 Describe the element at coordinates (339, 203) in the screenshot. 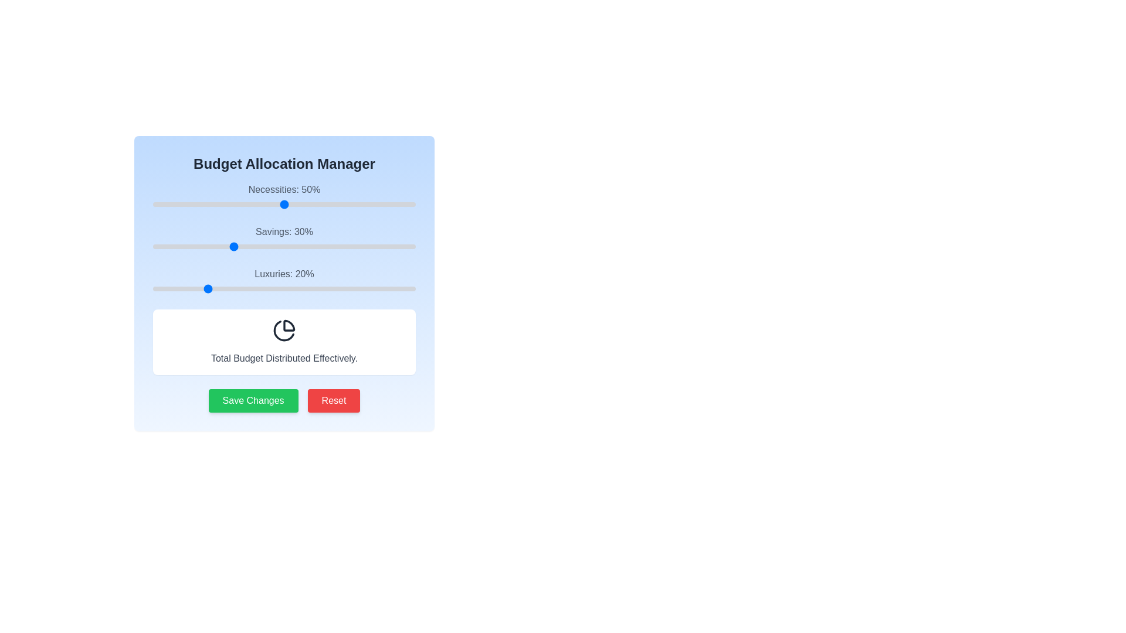

I see `the 'Necessities' slider` at that location.